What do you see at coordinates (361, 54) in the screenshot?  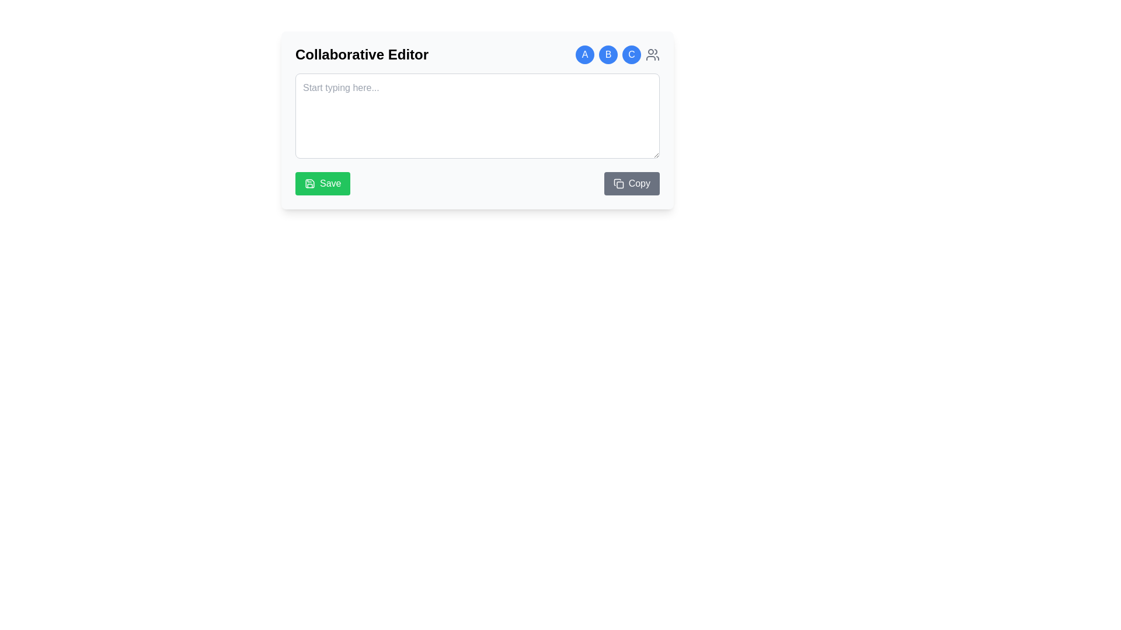 I see `the 'Collaborative Editor' text label at the upper left of the card-like component to focus the interface` at bounding box center [361, 54].